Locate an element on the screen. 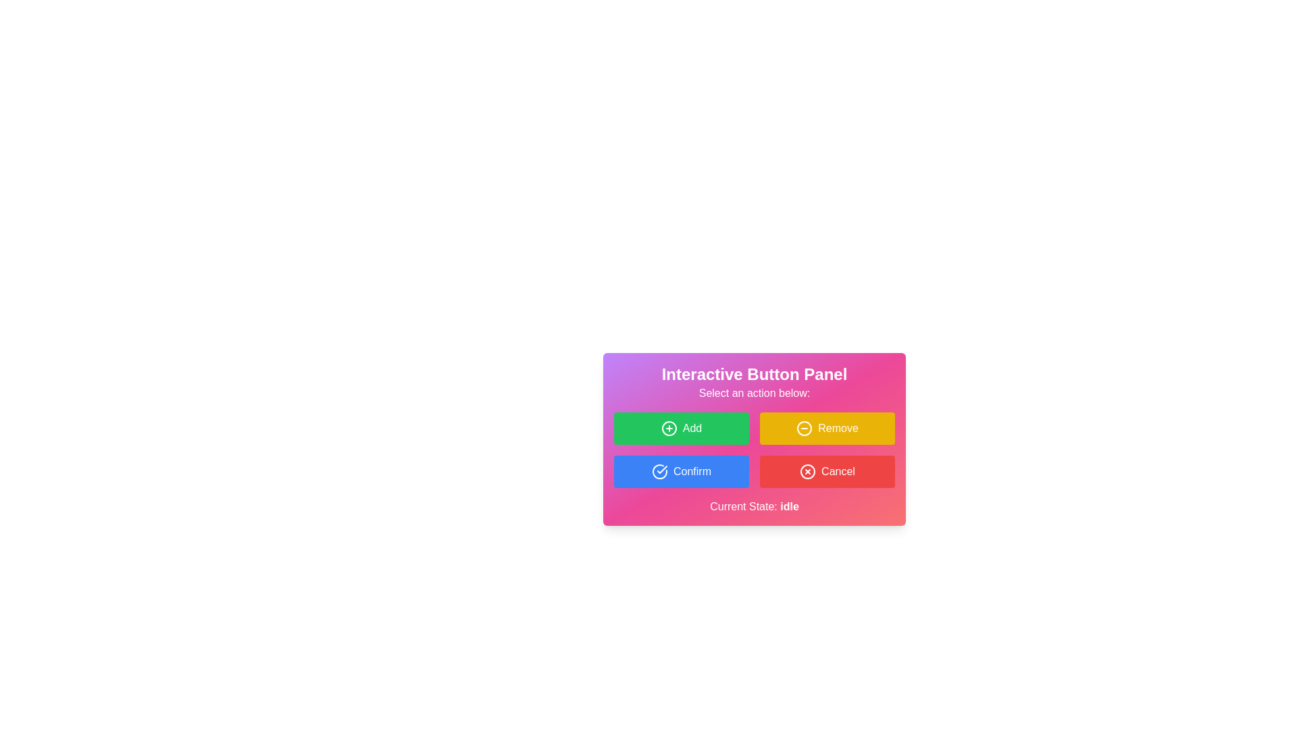 The width and height of the screenshot is (1297, 729). the circular icon within the green 'Add' button located in the top-left corner of the four-button grid is located at coordinates (669, 429).